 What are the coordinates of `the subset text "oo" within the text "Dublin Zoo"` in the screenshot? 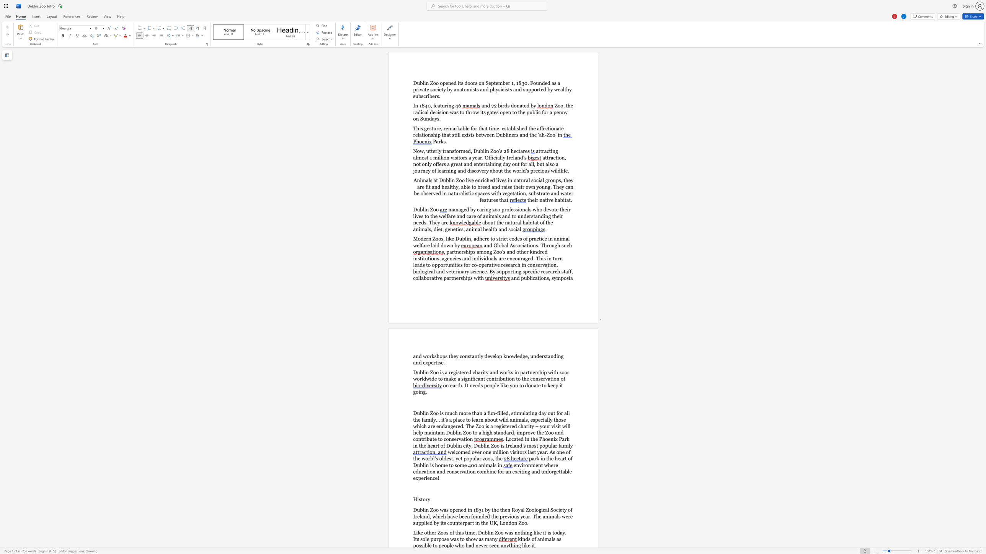 It's located at (433, 209).